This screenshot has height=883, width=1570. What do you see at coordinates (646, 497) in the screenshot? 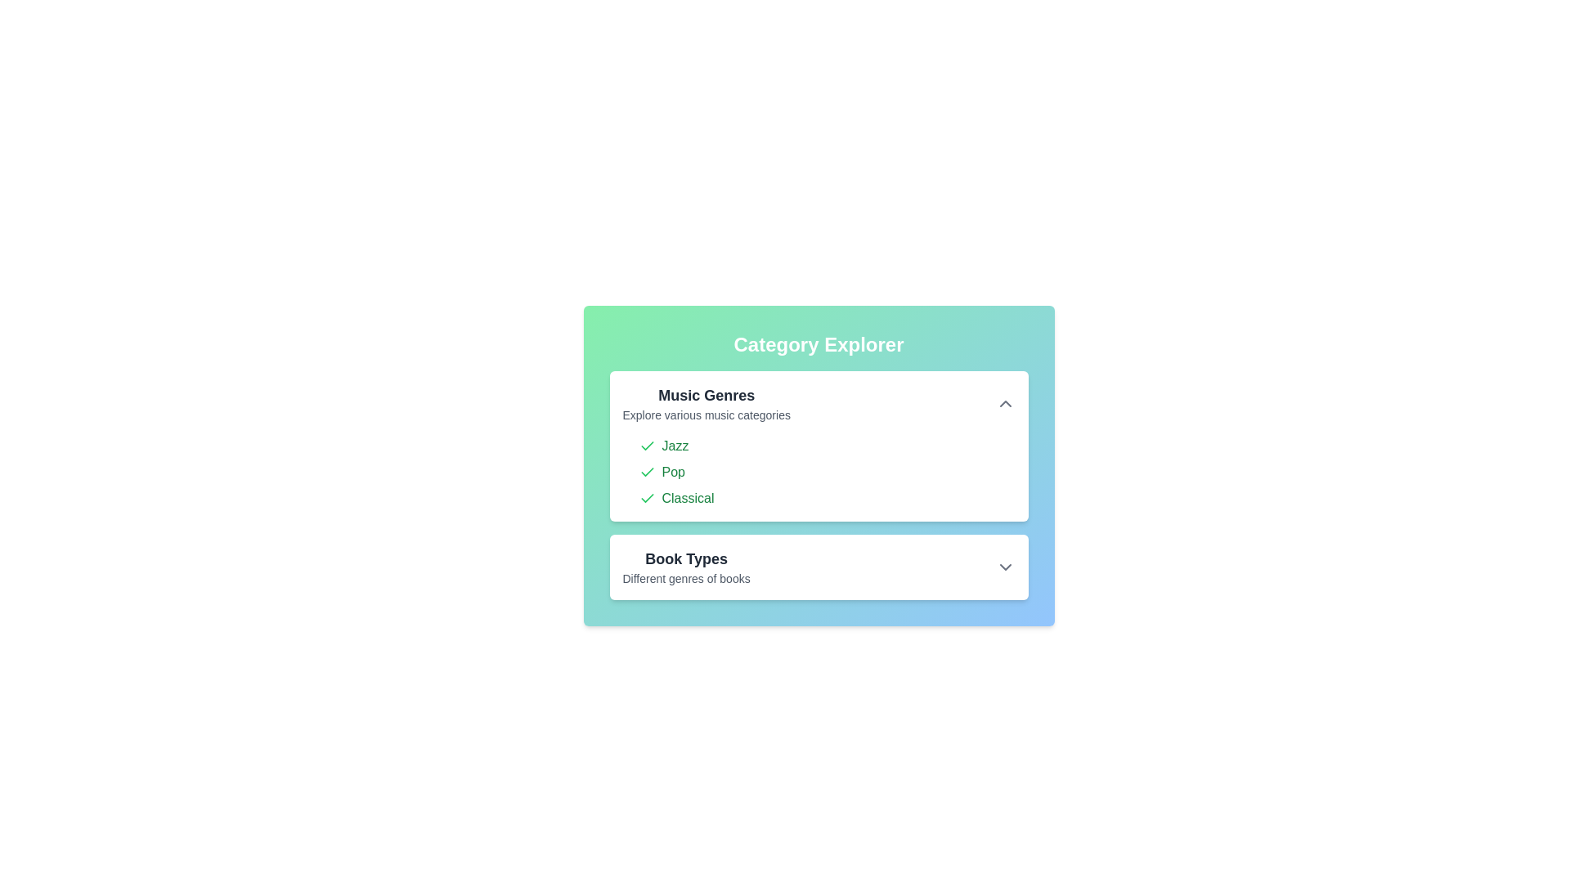
I see `the item Classical from the list` at bounding box center [646, 497].